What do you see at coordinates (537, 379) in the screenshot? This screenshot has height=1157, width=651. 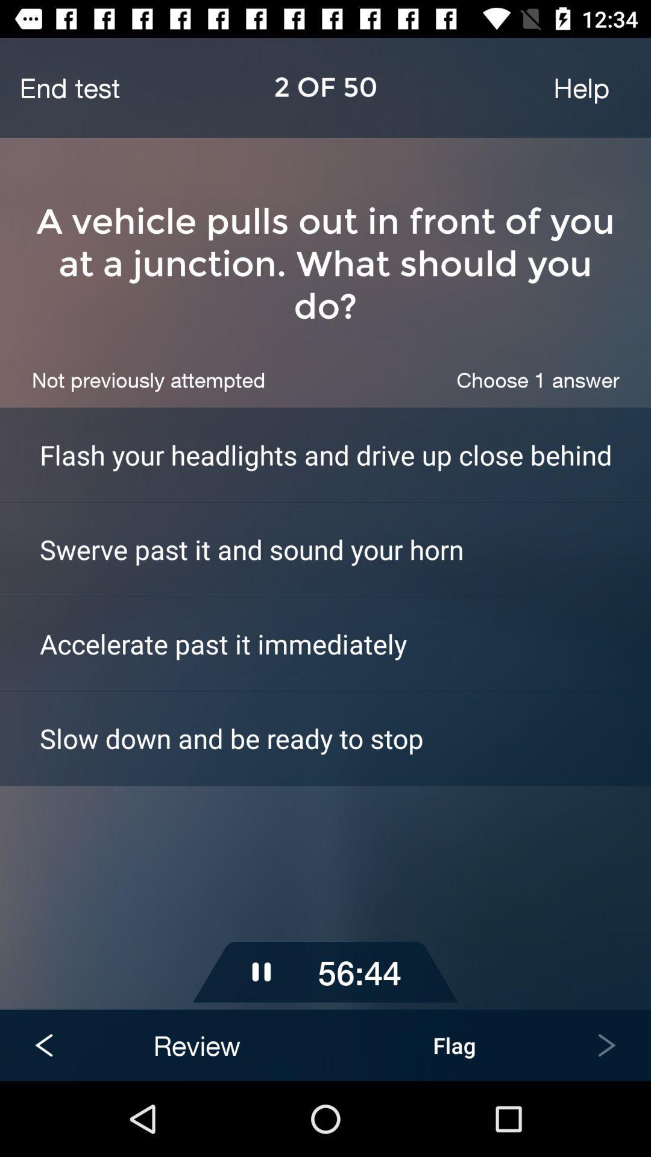 I see `the choose 1 answer icon` at bounding box center [537, 379].